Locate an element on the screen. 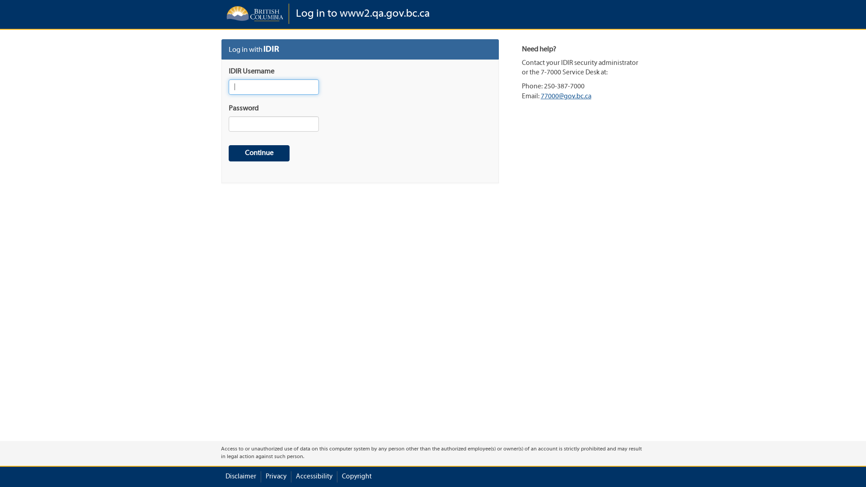 The width and height of the screenshot is (866, 487). '77000@gov.bc.ca' is located at coordinates (565, 96).